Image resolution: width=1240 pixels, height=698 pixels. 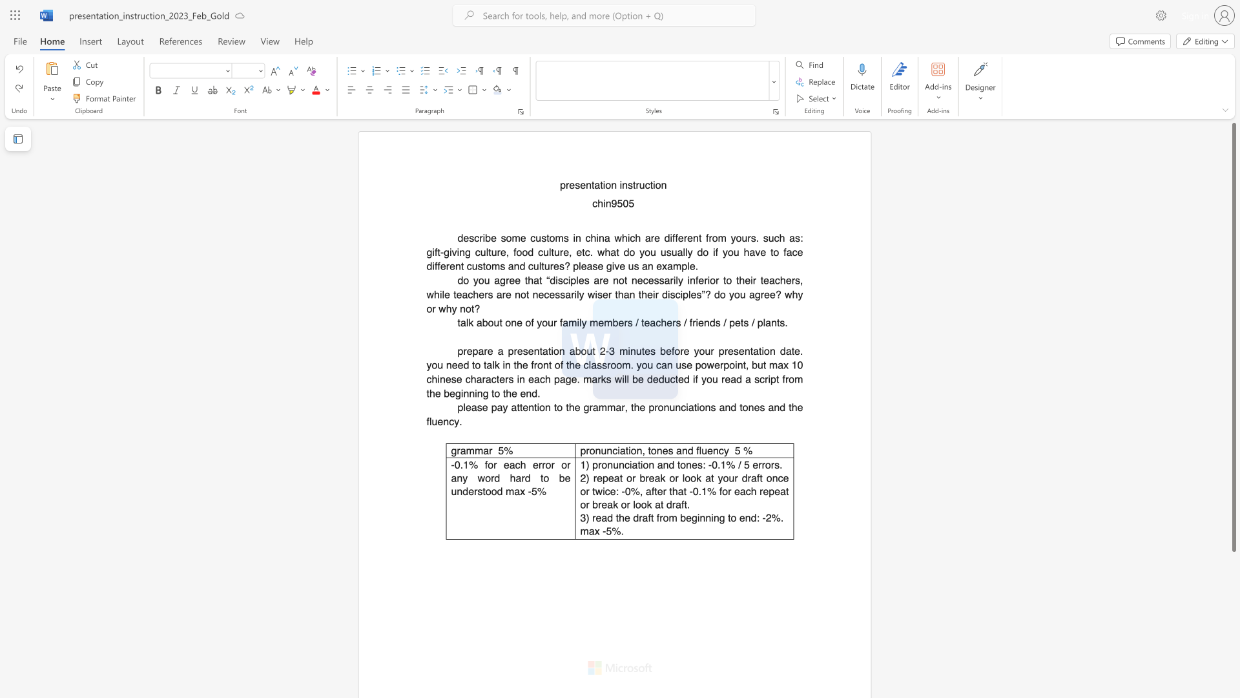 I want to click on the scrollbar on the right side to scroll the page down, so click(x=1233, y=580).